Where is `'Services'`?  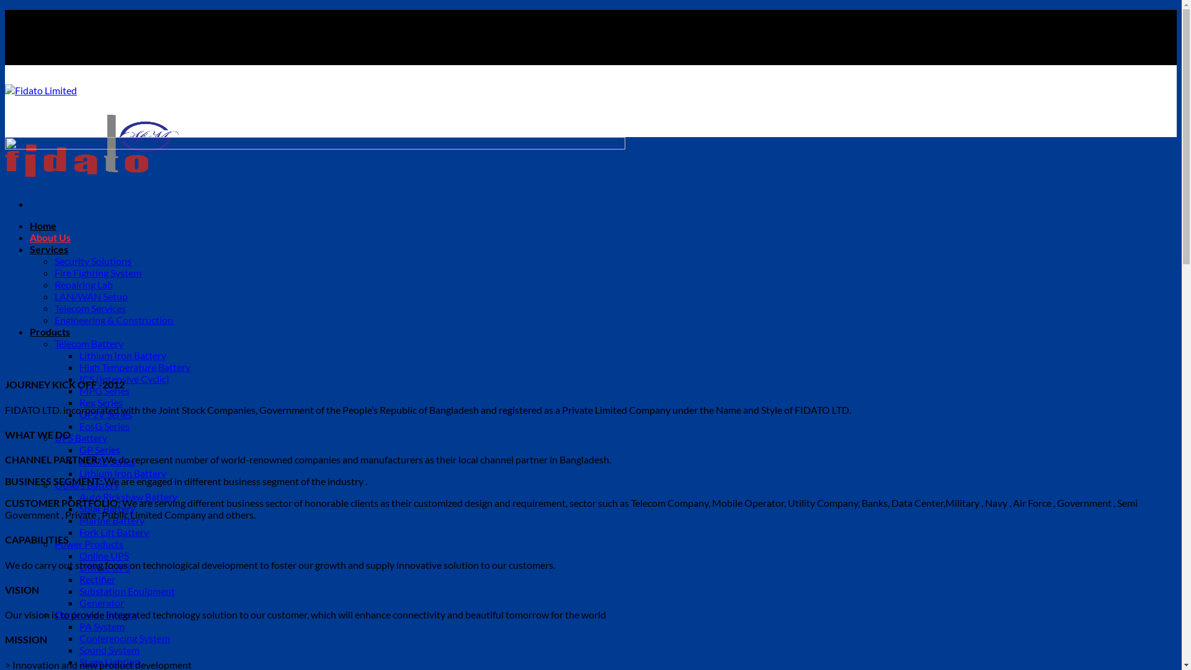
'Services' is located at coordinates (48, 249).